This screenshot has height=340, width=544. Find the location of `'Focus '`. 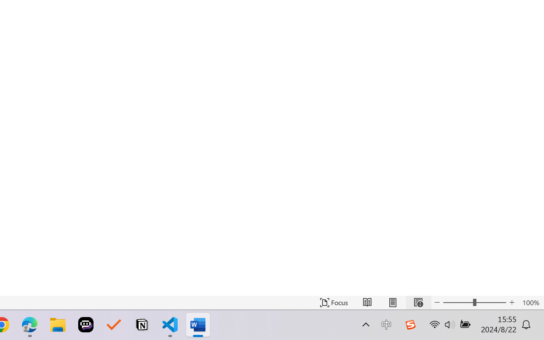

'Focus ' is located at coordinates (334, 302).